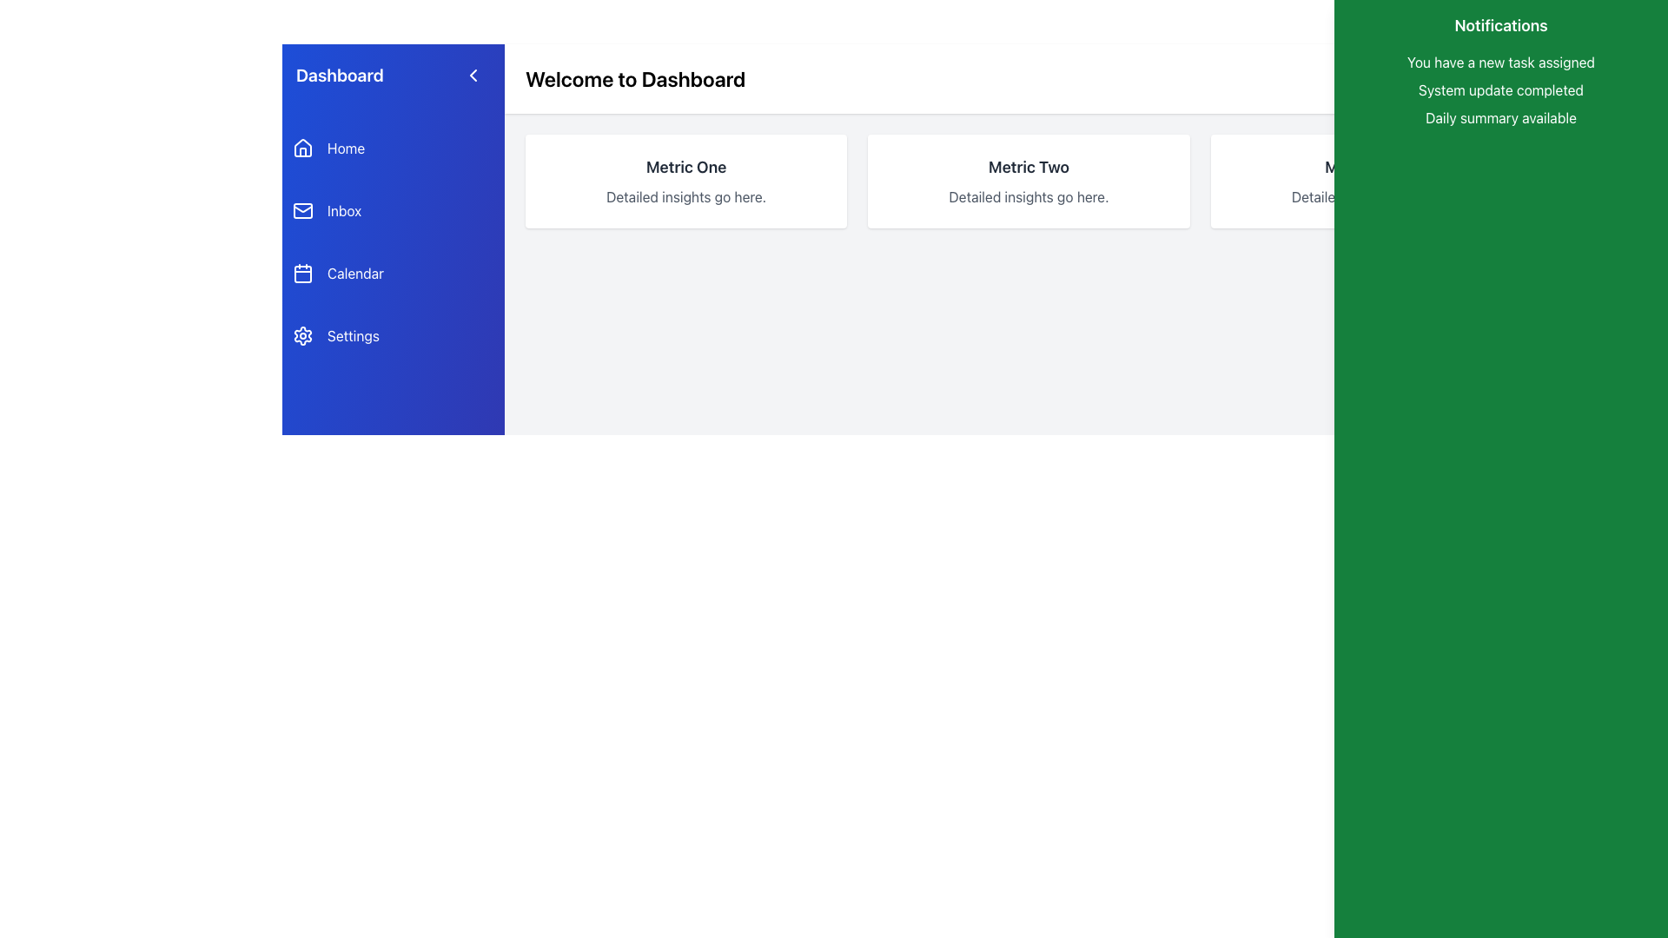 The height and width of the screenshot is (938, 1668). I want to click on the small square-shaped icon with rounded corners located within the calendar icon in the sidebar menu, positioned between 'Inbox' and 'Settings', so click(303, 274).